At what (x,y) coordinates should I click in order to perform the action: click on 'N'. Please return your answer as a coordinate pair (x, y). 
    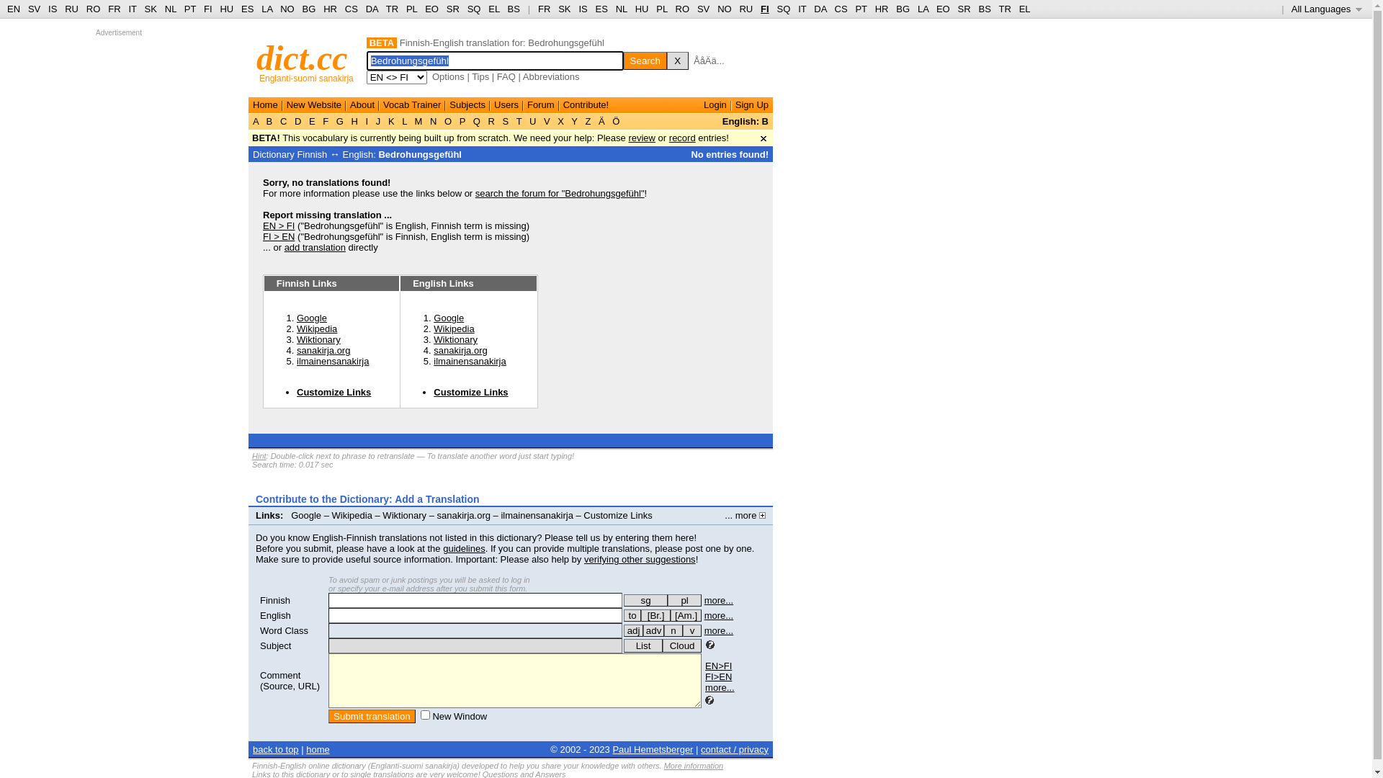
    Looking at the image, I should click on (426, 120).